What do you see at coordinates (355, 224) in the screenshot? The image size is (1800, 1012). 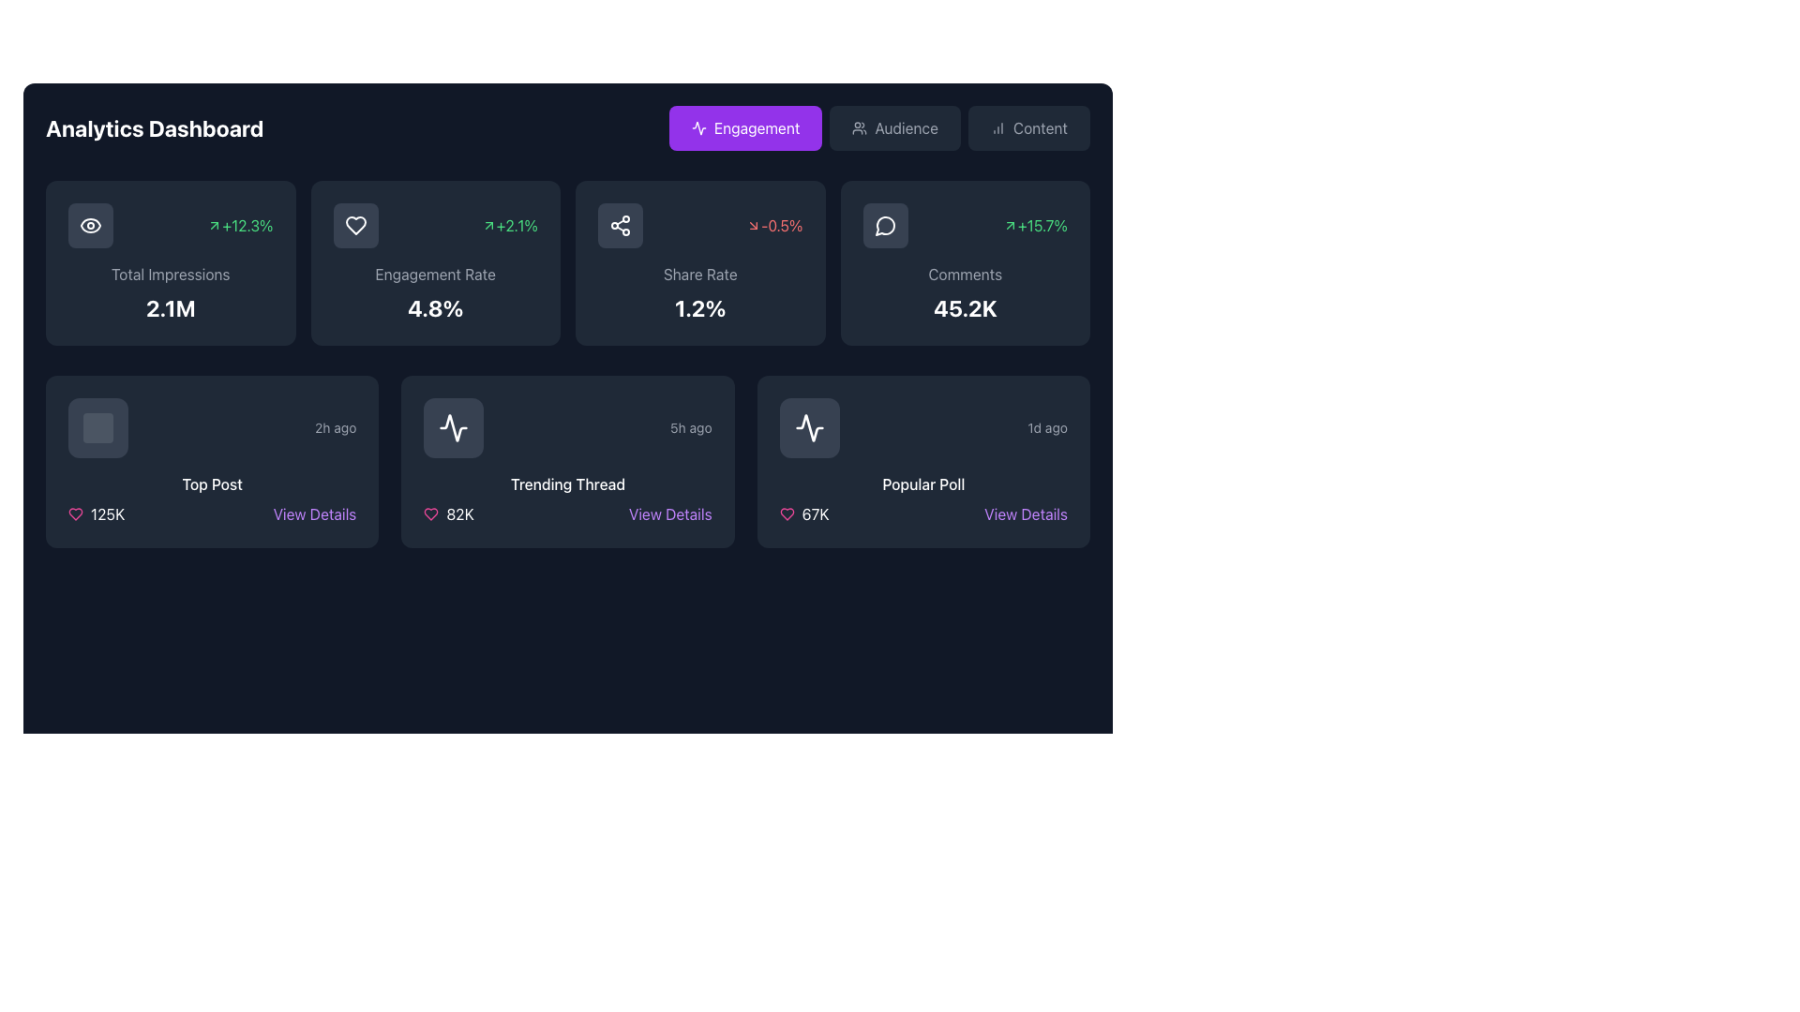 I see `the user engagement icon located in the second card from the left in the top row of the analytics dashboard` at bounding box center [355, 224].